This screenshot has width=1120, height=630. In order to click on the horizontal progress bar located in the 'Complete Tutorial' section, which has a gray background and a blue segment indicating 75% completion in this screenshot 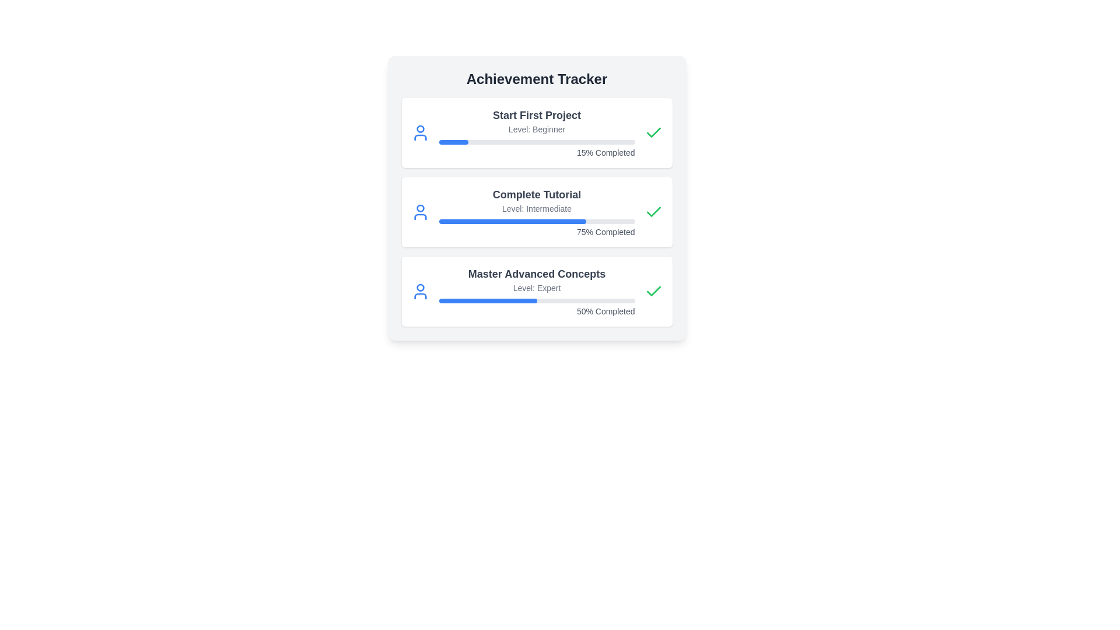, I will do `click(536, 222)`.